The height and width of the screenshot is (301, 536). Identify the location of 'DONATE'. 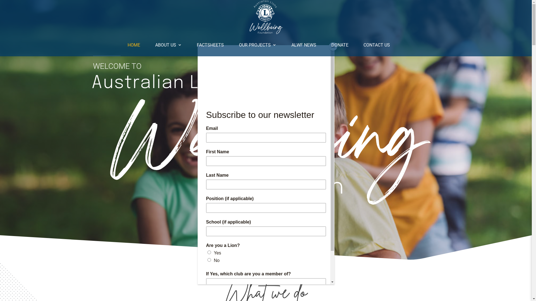
(339, 45).